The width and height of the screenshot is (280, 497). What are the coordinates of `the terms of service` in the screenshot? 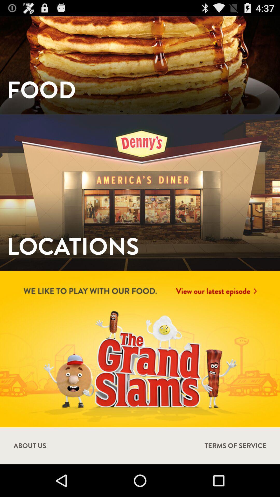 It's located at (235, 445).